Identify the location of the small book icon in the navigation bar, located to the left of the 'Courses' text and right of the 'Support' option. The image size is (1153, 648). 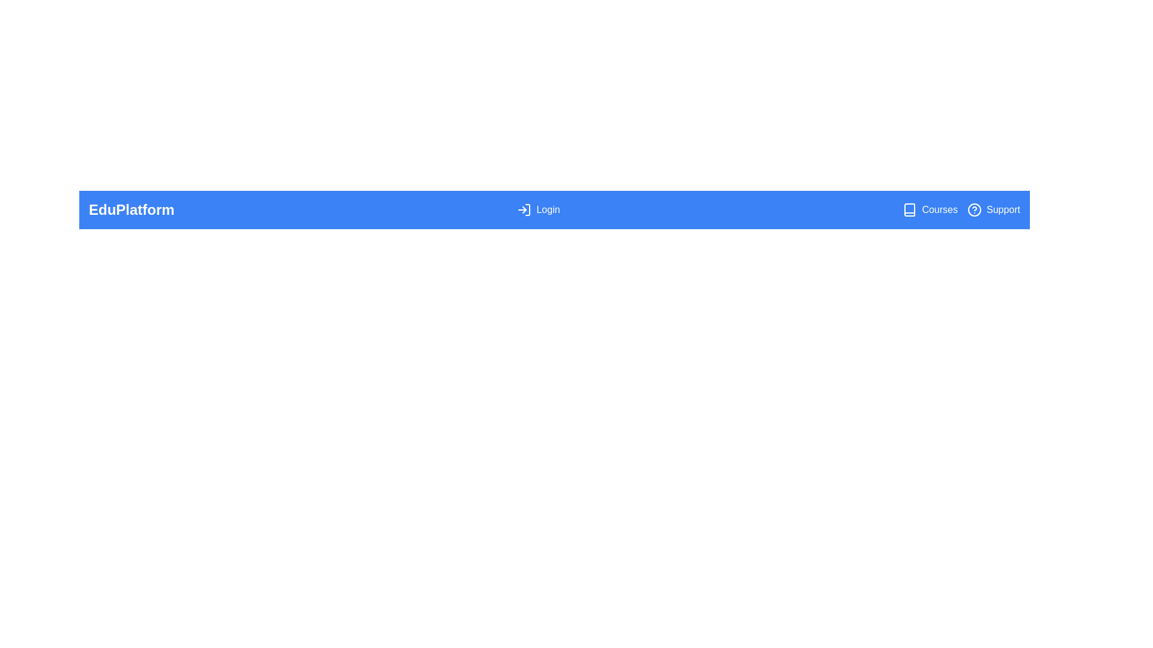
(910, 209).